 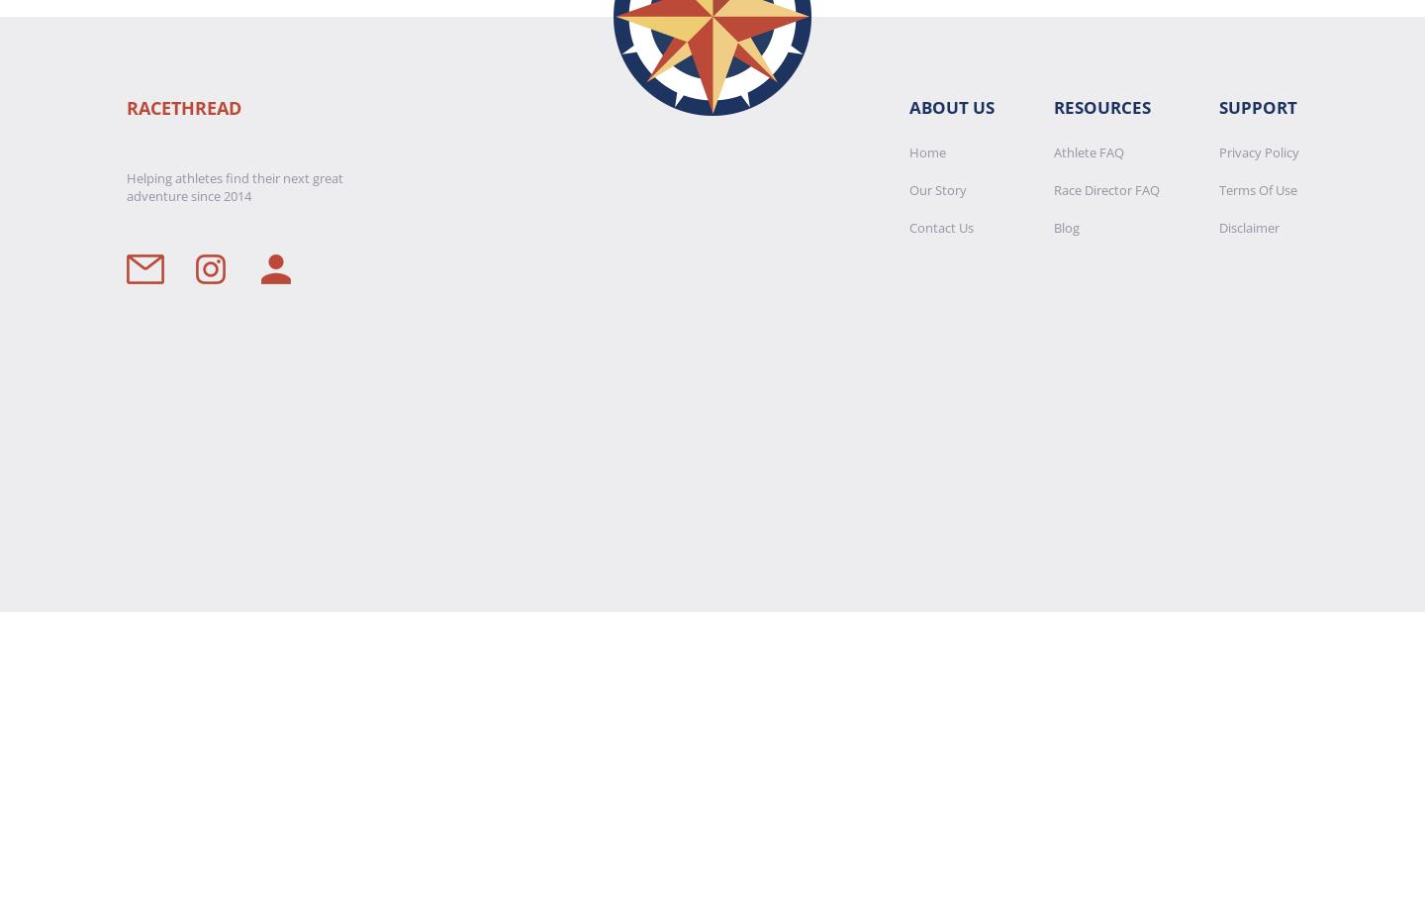 I want to click on 'Race Director FAQ', so click(x=1104, y=190).